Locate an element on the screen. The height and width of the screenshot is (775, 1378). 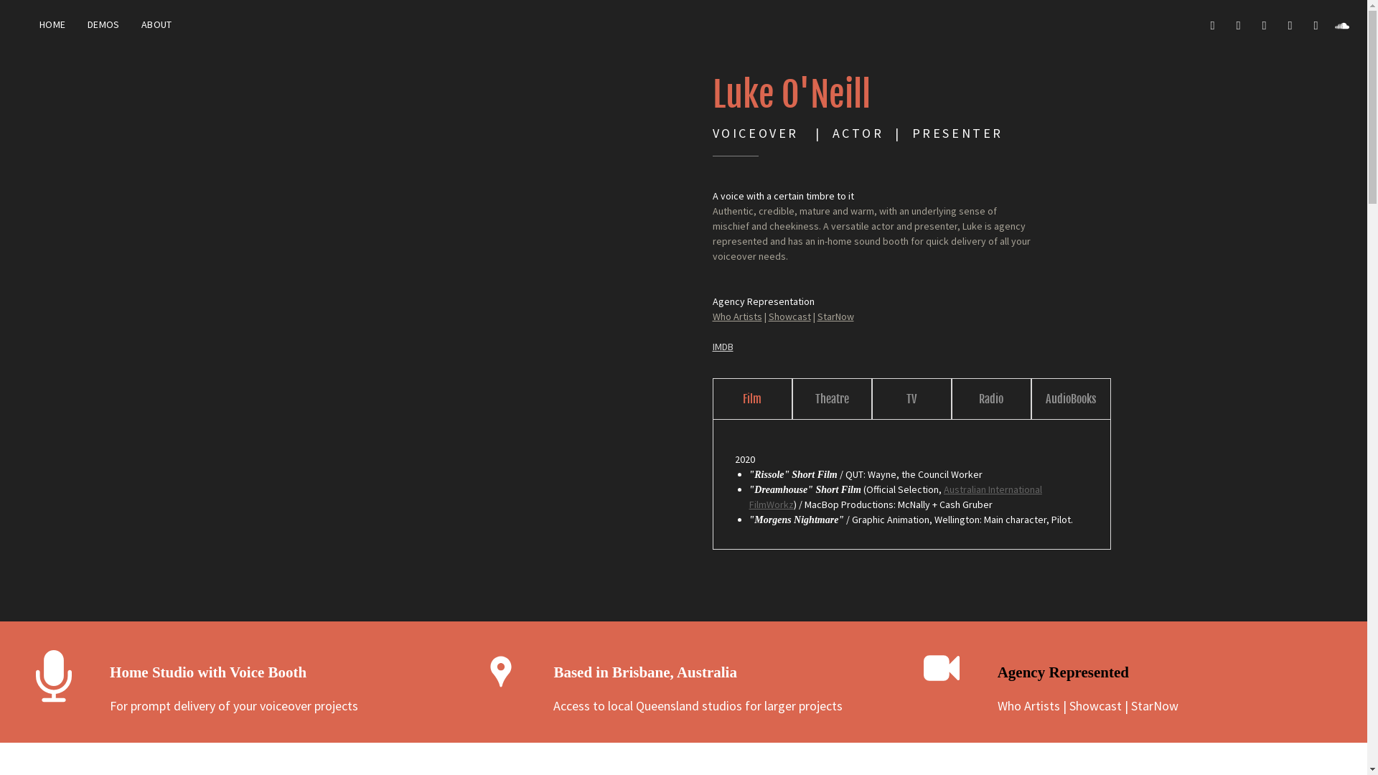
'Who Artists' is located at coordinates (712, 315).